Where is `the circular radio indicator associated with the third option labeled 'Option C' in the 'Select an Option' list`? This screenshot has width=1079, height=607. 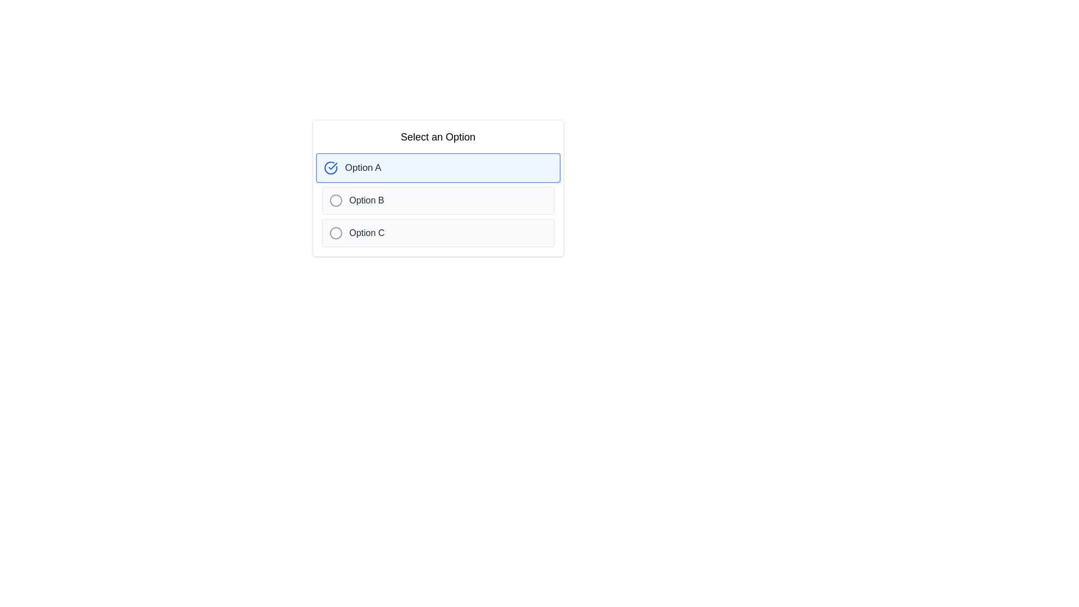 the circular radio indicator associated with the third option labeled 'Option C' in the 'Select an Option' list is located at coordinates (335, 233).